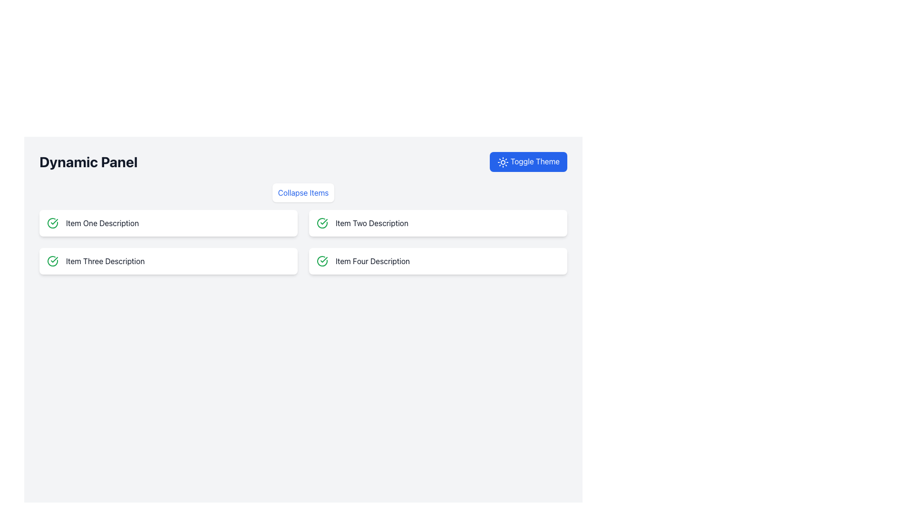 The image size is (913, 513). What do you see at coordinates (303, 192) in the screenshot?
I see `the toggle button located centrally above the listed items` at bounding box center [303, 192].